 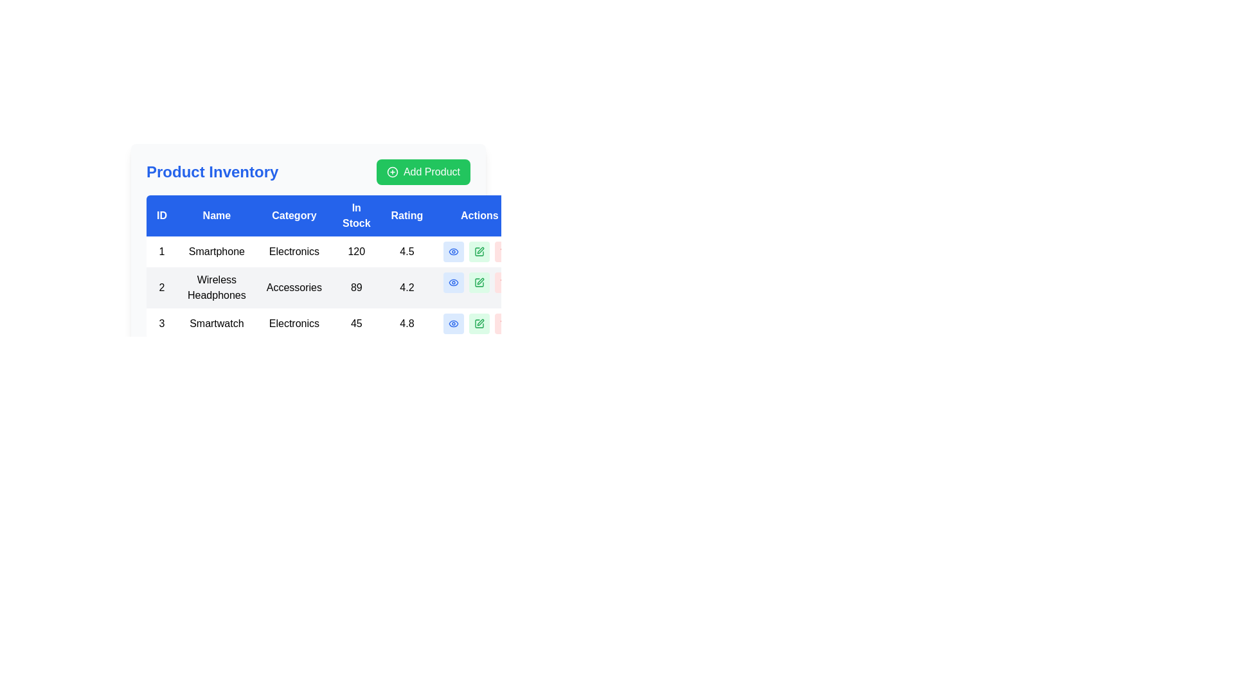 What do you see at coordinates (479, 252) in the screenshot?
I see `the edit icon button, which resembles a green pen over a square, located in the 'Actions' column of the first row in the table, adjacent to the 'Rating' column` at bounding box center [479, 252].